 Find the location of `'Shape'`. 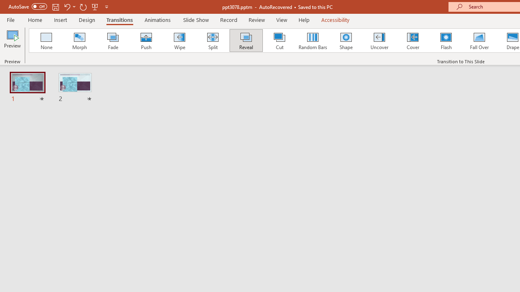

'Shape' is located at coordinates (346, 41).